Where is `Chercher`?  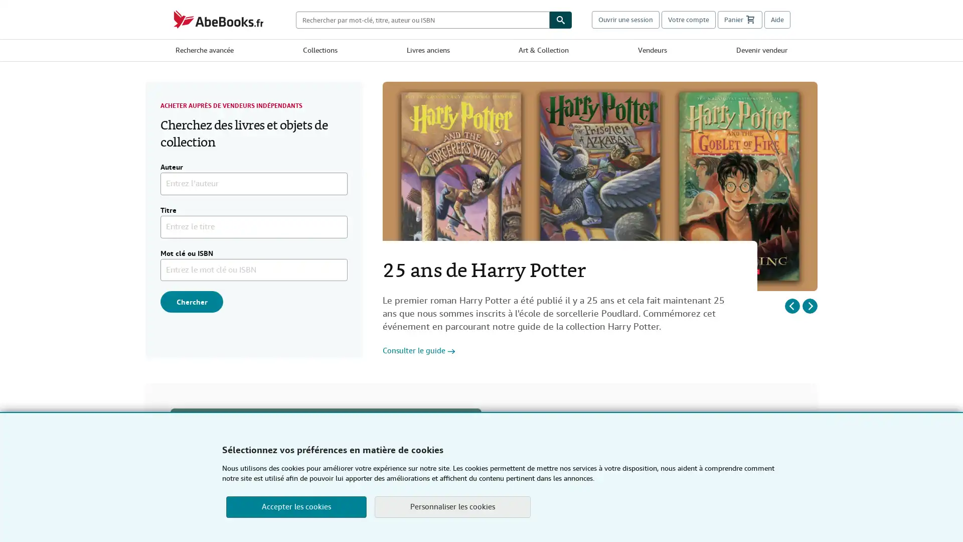 Chercher is located at coordinates (192, 301).